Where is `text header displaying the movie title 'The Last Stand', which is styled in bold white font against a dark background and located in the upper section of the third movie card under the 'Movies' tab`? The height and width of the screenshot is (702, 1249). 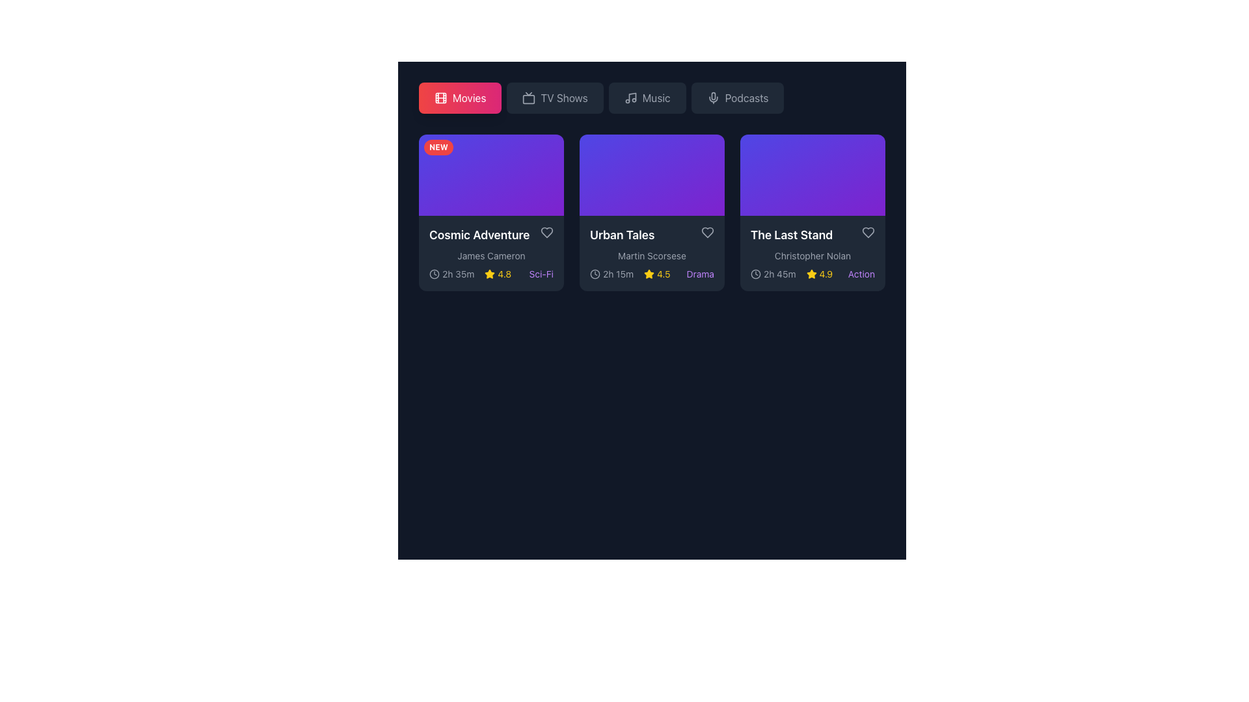 text header displaying the movie title 'The Last Stand', which is styled in bold white font against a dark background and located in the upper section of the third movie card under the 'Movies' tab is located at coordinates (812, 235).